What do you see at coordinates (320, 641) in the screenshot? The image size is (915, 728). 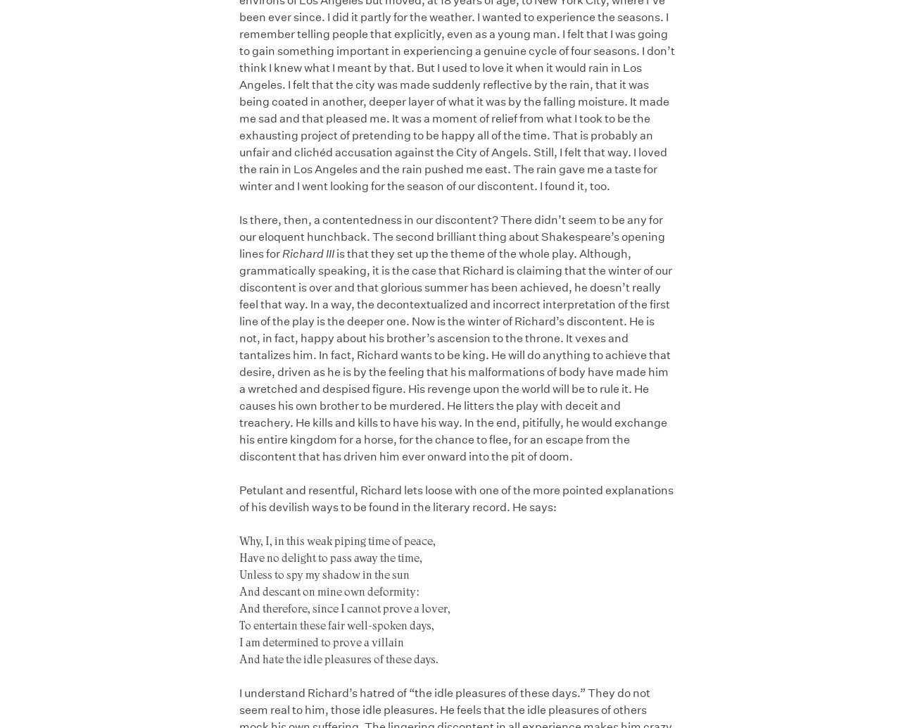 I see `'I am determined to prove a villain'` at bounding box center [320, 641].